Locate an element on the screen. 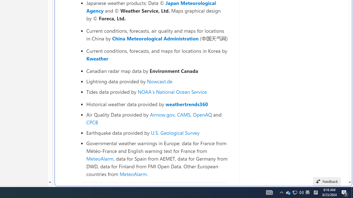  'Earthquake data provided by U.S. Geological Survey' is located at coordinates (157, 133).